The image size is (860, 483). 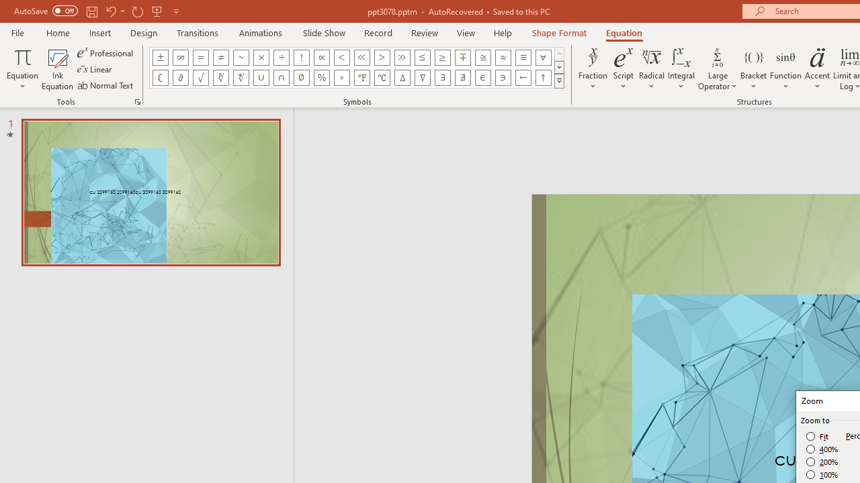 I want to click on 'Equation Symbol There Exists', so click(x=443, y=77).